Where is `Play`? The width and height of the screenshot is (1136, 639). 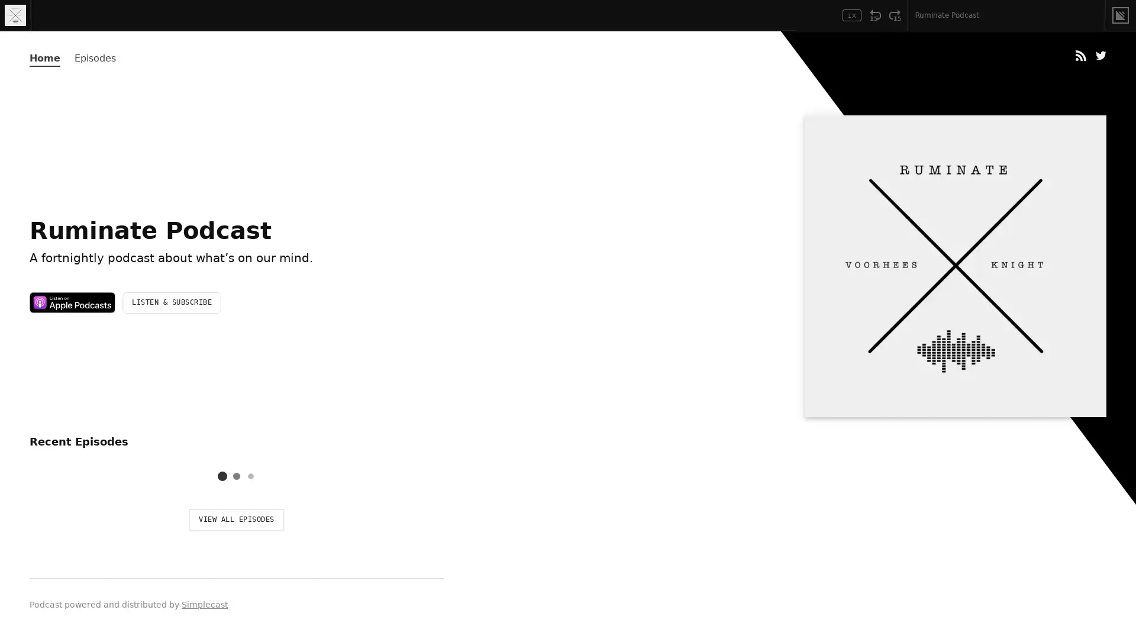 Play is located at coordinates (45, 15).